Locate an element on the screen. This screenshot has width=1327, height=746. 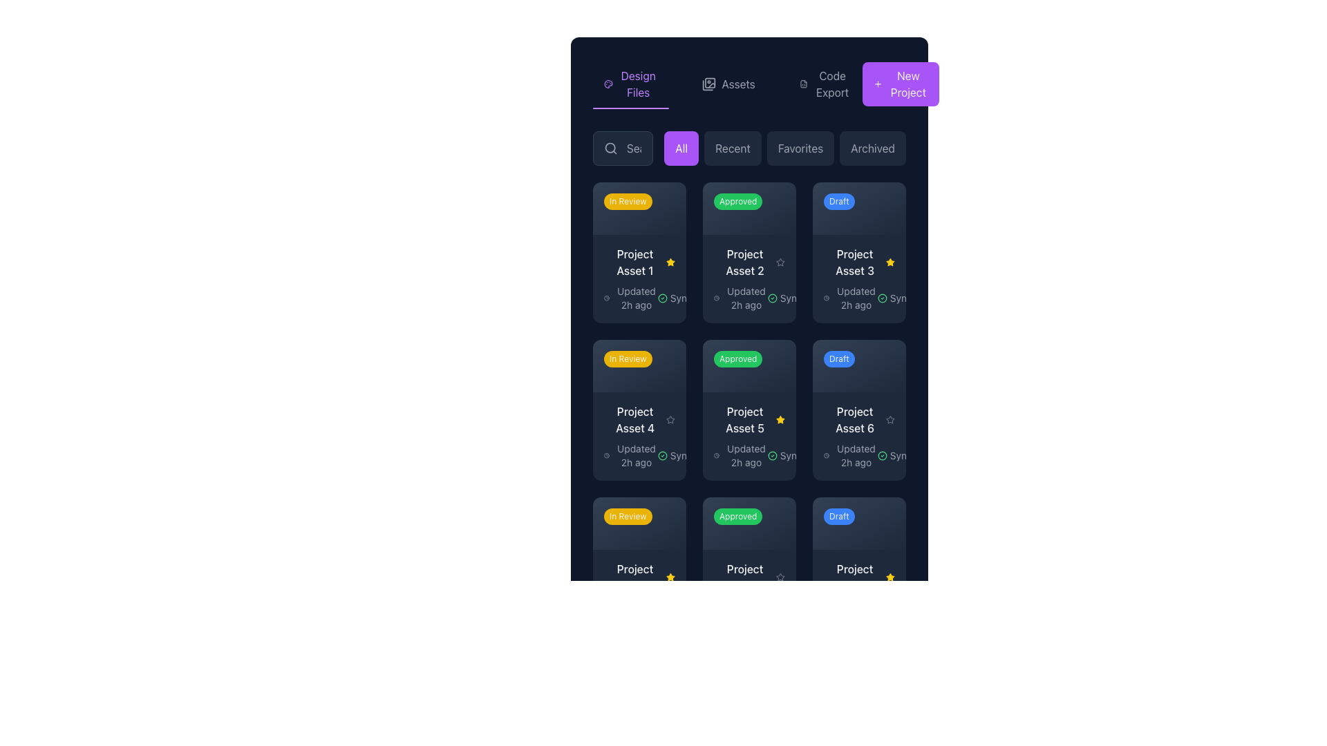
the 'Draft' status indicator located in the lower half of the grid layout, specifically the seventh item in the display of 'Project Asset 9' is located at coordinates (858, 523).